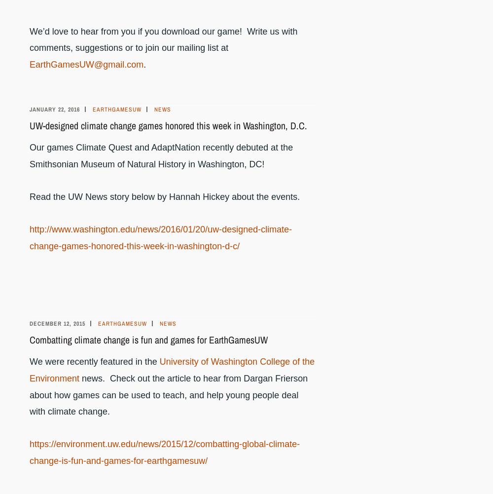 The width and height of the screenshot is (493, 494). Describe the element at coordinates (172, 370) in the screenshot. I see `'College of the Environment'` at that location.